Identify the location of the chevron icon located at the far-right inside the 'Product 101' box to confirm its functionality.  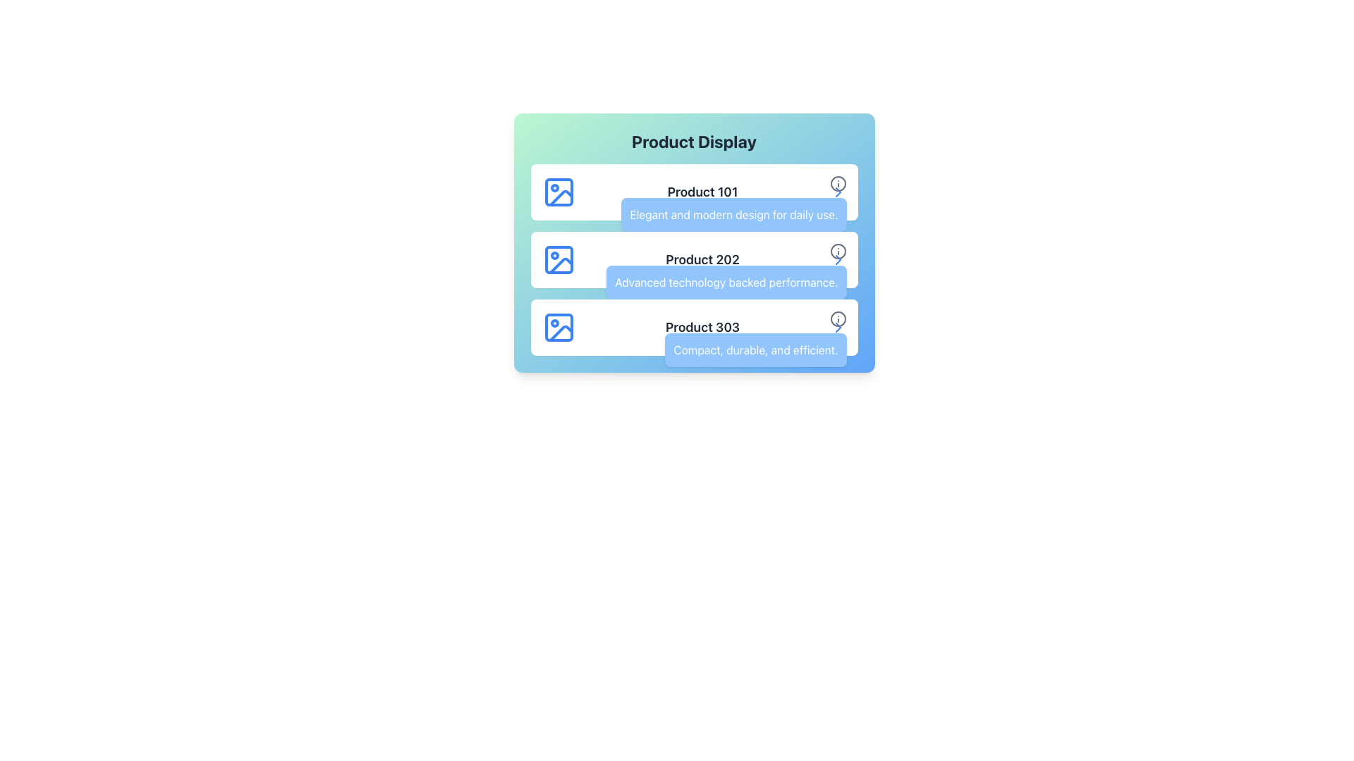
(838, 192).